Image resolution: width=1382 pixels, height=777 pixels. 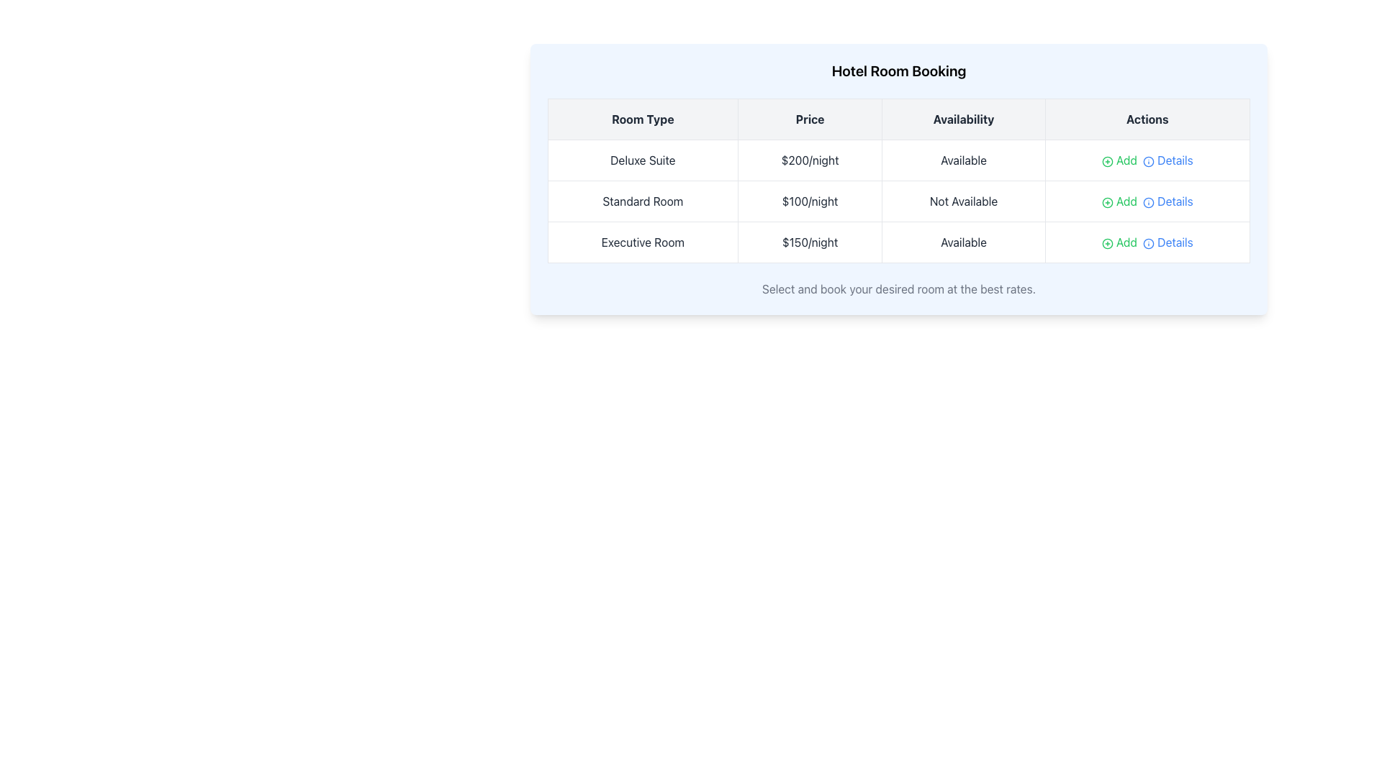 What do you see at coordinates (1119, 160) in the screenshot?
I see `the 'Add Deluxe Suite' button located in the 'Actions' column of the table, adjacent to the 'Details' text for the first row` at bounding box center [1119, 160].